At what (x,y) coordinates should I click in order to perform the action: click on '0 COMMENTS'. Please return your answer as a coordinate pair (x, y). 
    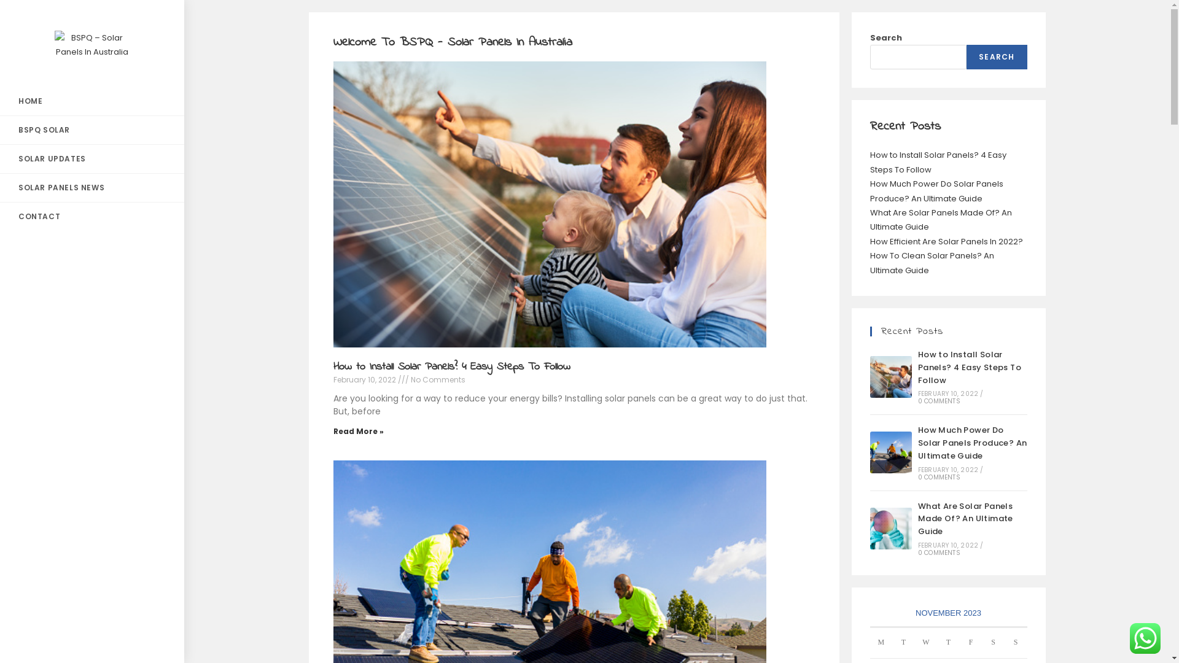
    Looking at the image, I should click on (938, 552).